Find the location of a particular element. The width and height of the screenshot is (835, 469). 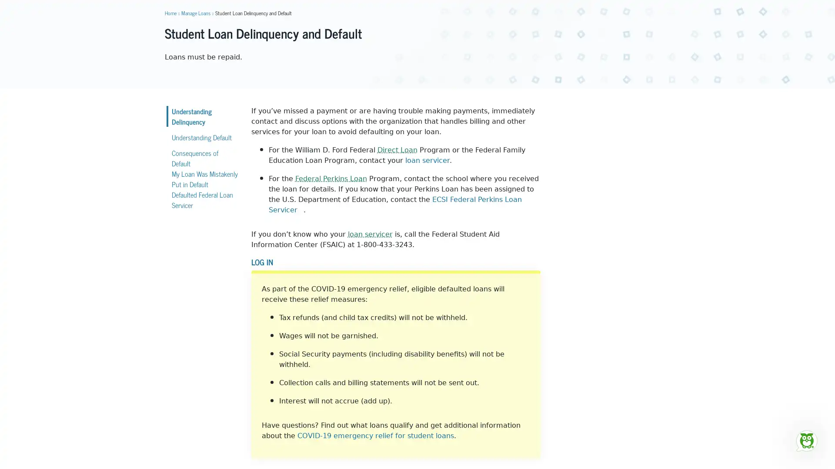

Espanol is located at coordinates (661, 7).